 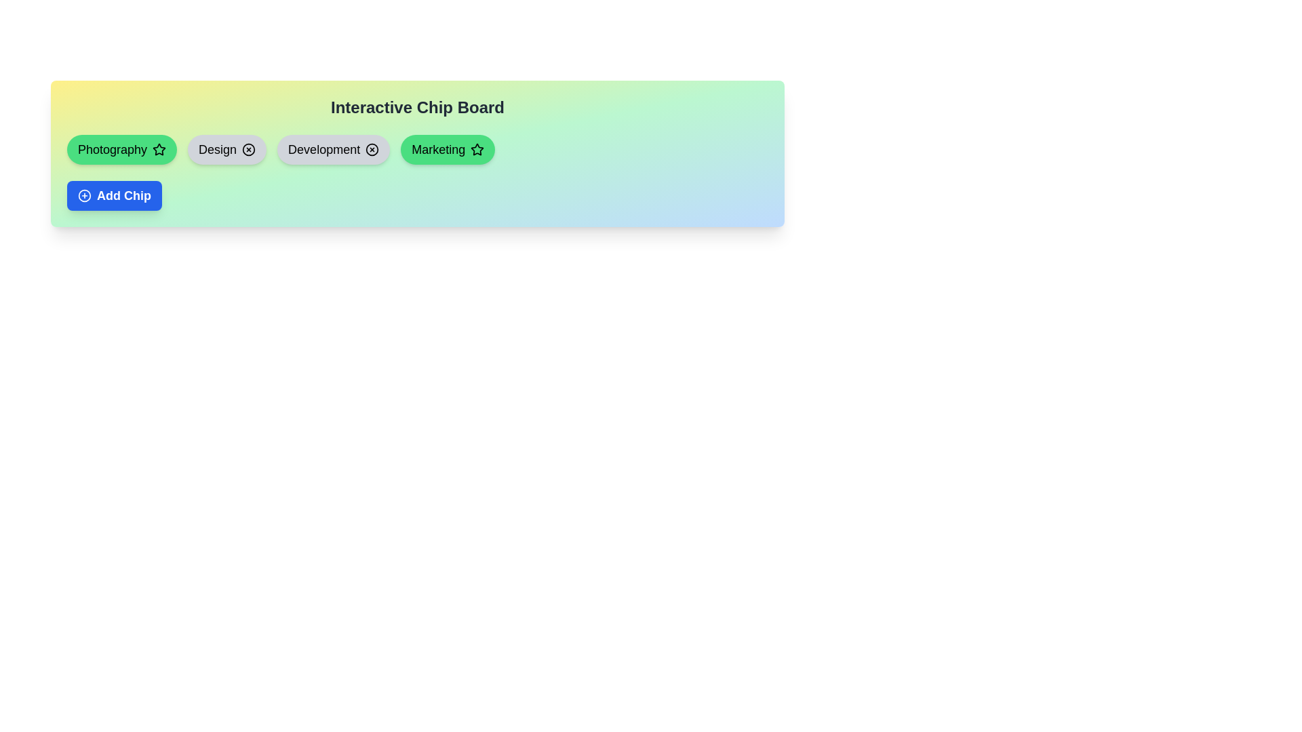 I want to click on the 'Development' chip component, so click(x=334, y=149).